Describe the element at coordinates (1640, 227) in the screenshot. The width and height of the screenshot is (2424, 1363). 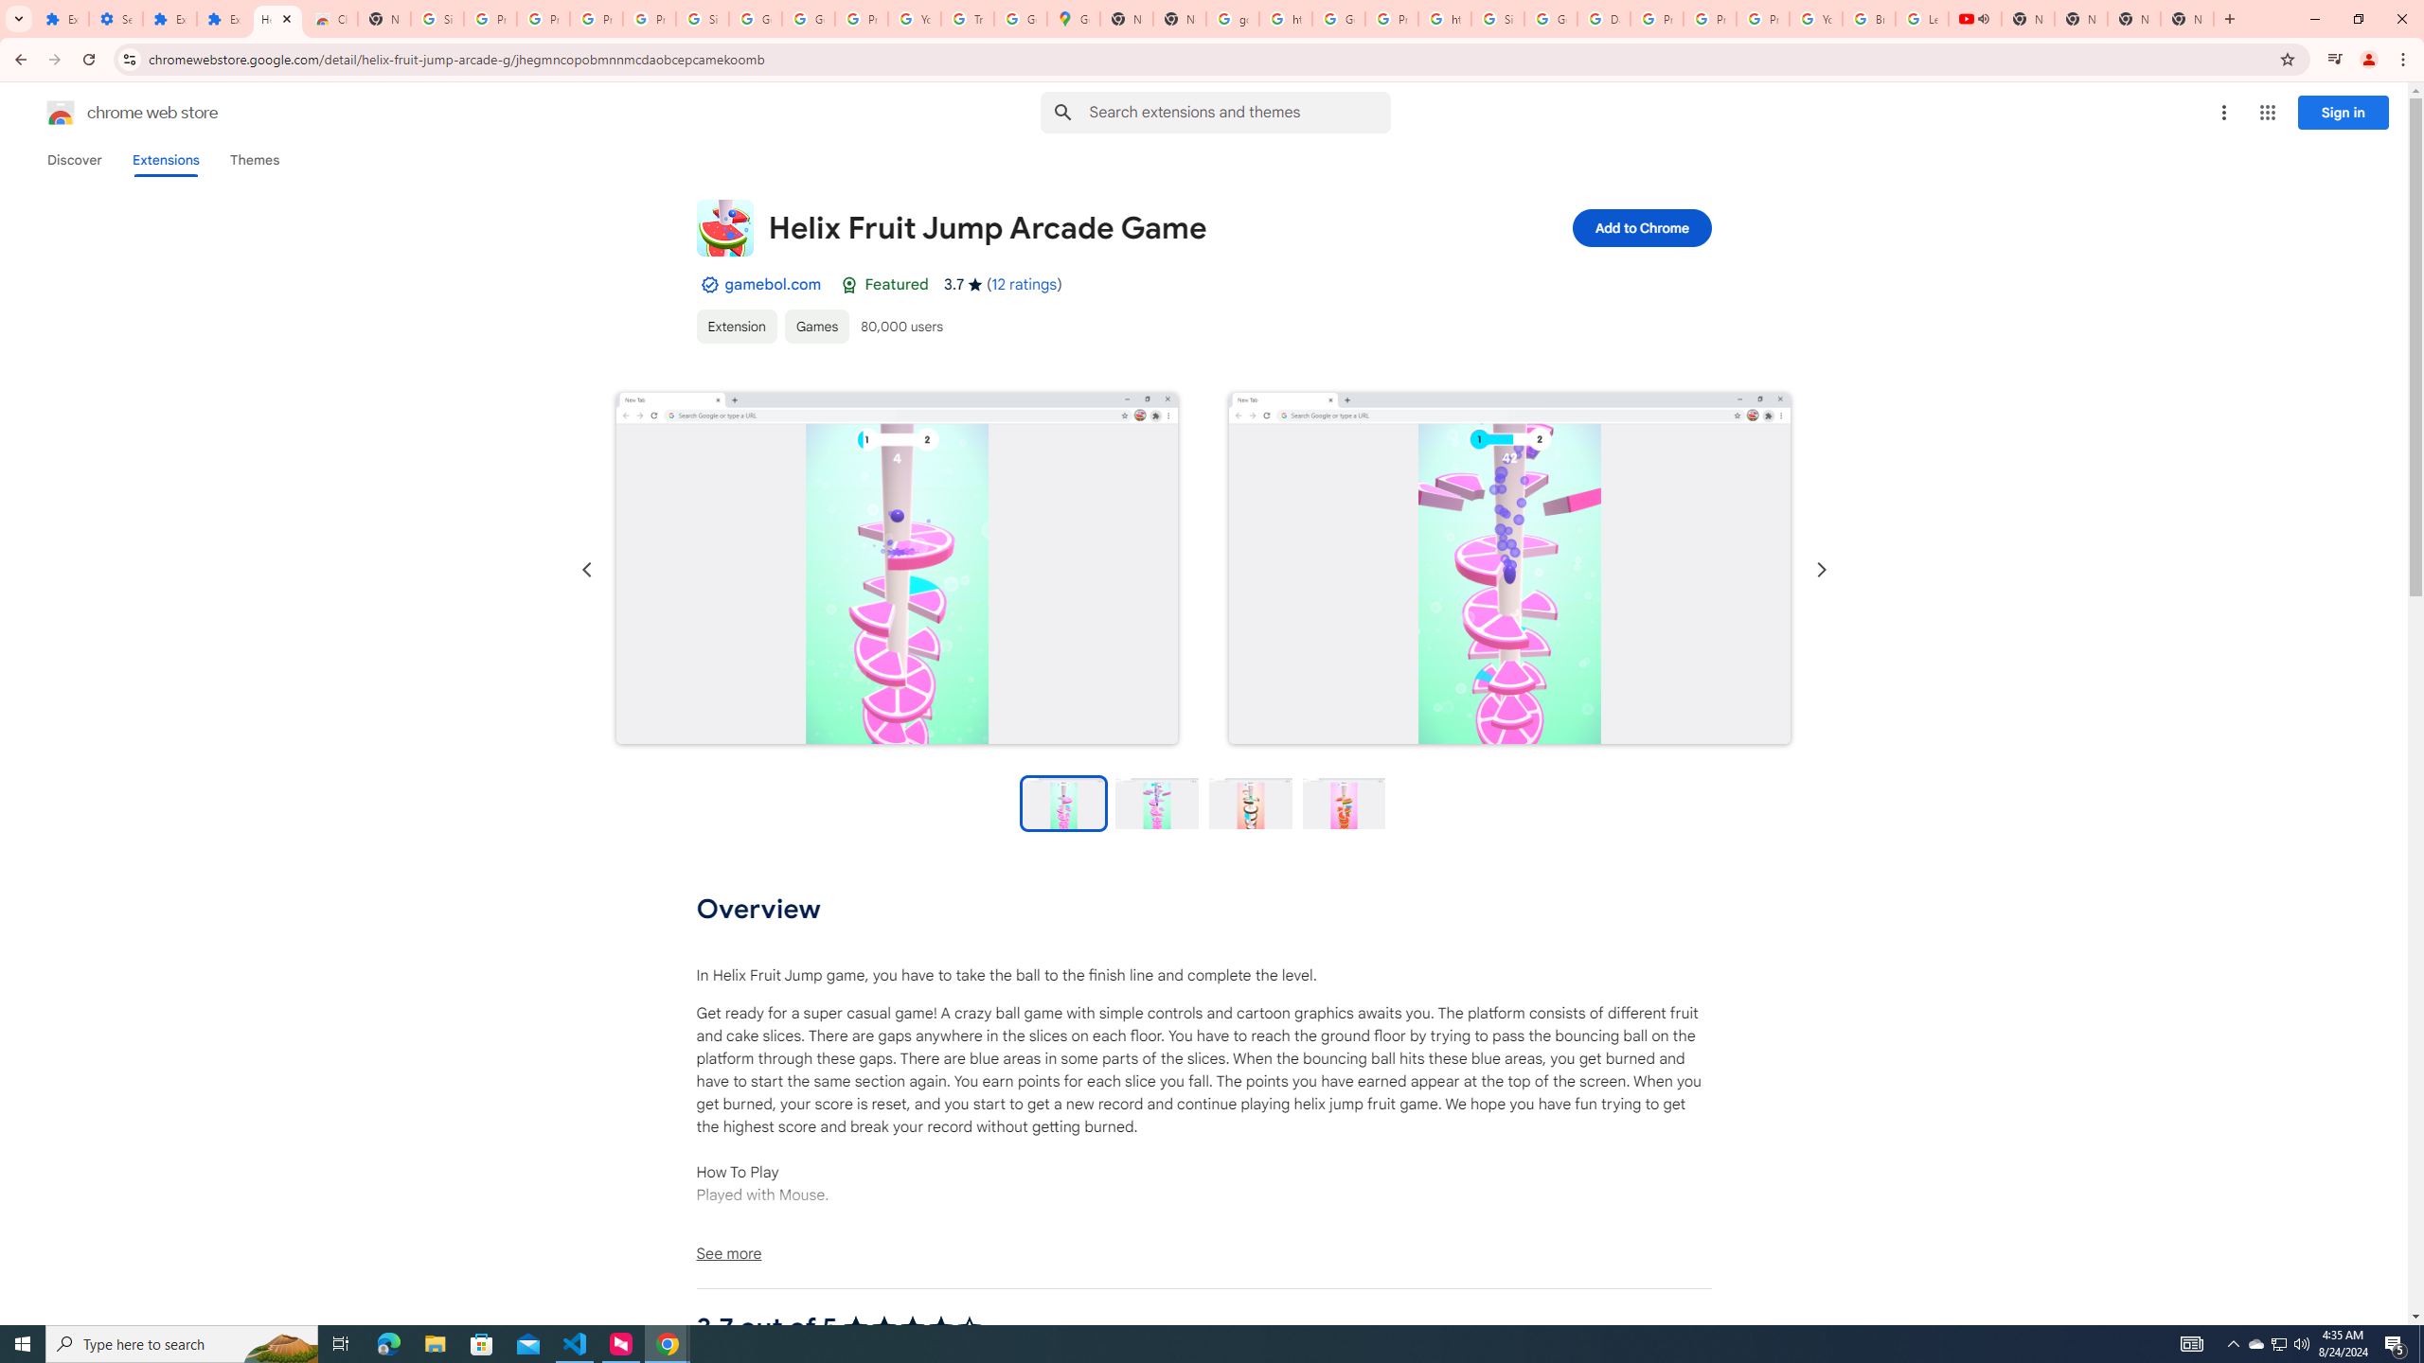
I see `'Add to Chrome'` at that location.